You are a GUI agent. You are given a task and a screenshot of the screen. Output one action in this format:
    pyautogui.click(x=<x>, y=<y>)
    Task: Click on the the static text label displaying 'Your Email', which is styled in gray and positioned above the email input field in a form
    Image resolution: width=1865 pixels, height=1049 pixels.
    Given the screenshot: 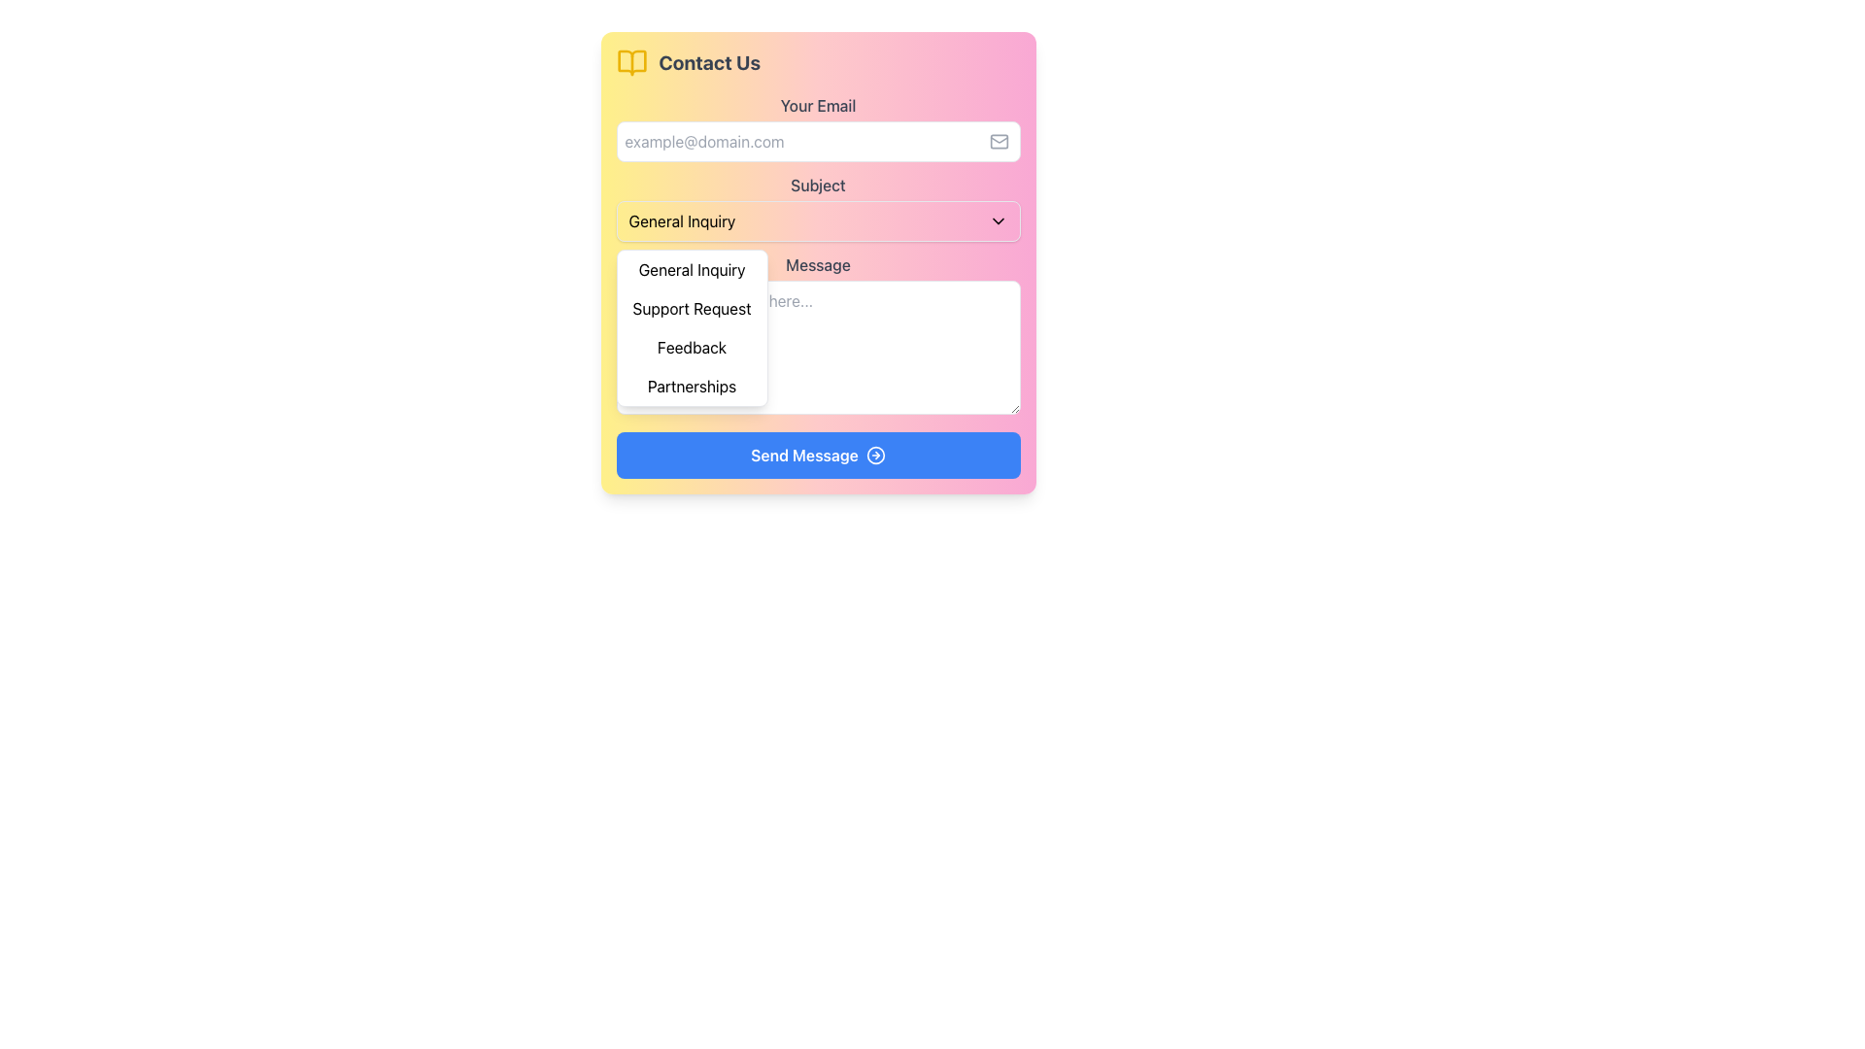 What is the action you would take?
    pyautogui.click(x=818, y=105)
    